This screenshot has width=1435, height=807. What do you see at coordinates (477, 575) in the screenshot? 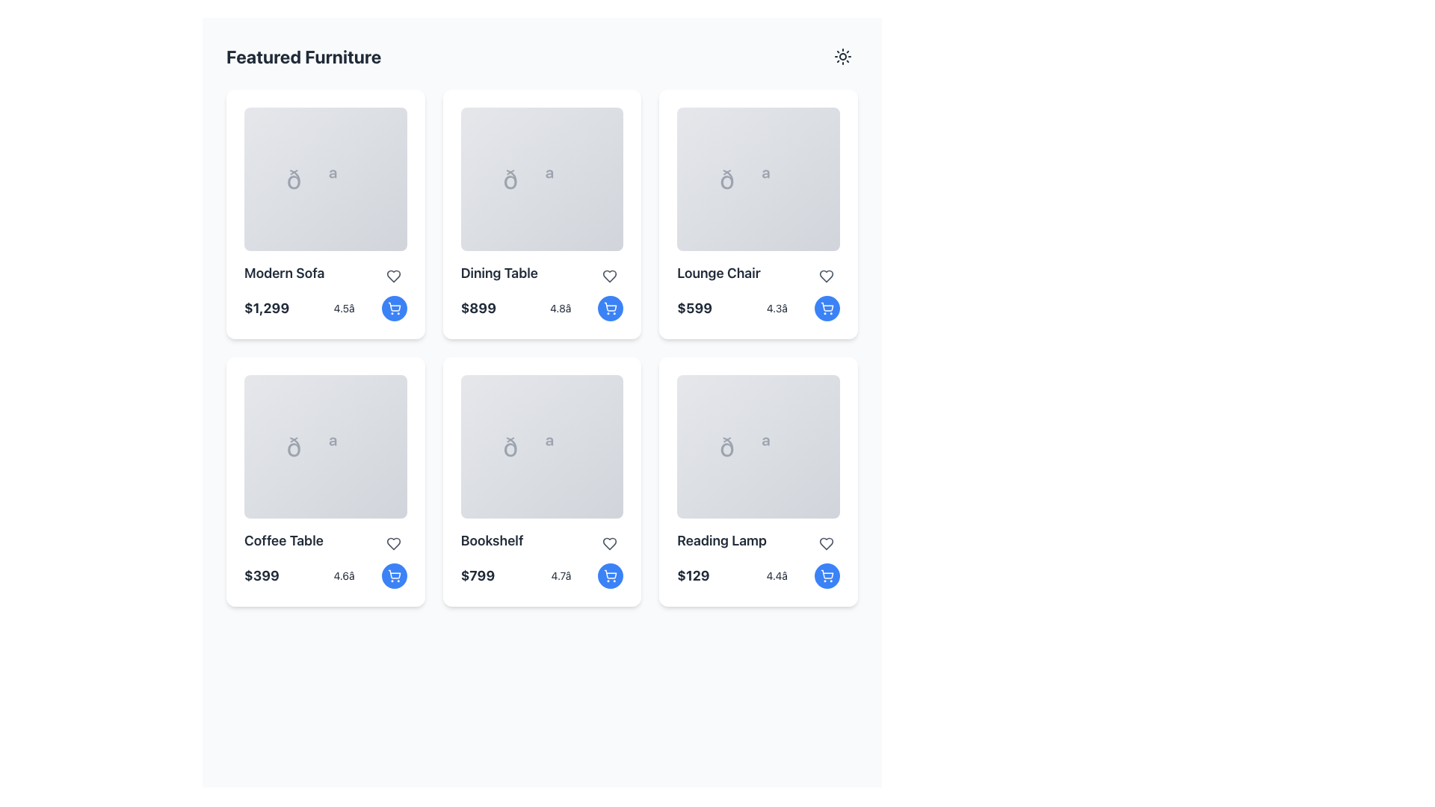
I see `the price label for the 'Bookshelf' item, which is located at the bottom-left corner of its card, preceding the rating and shopping cart icon` at bounding box center [477, 575].